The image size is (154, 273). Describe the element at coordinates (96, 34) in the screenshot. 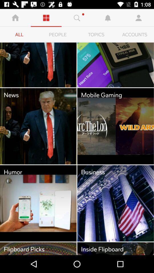

I see `topics` at that location.